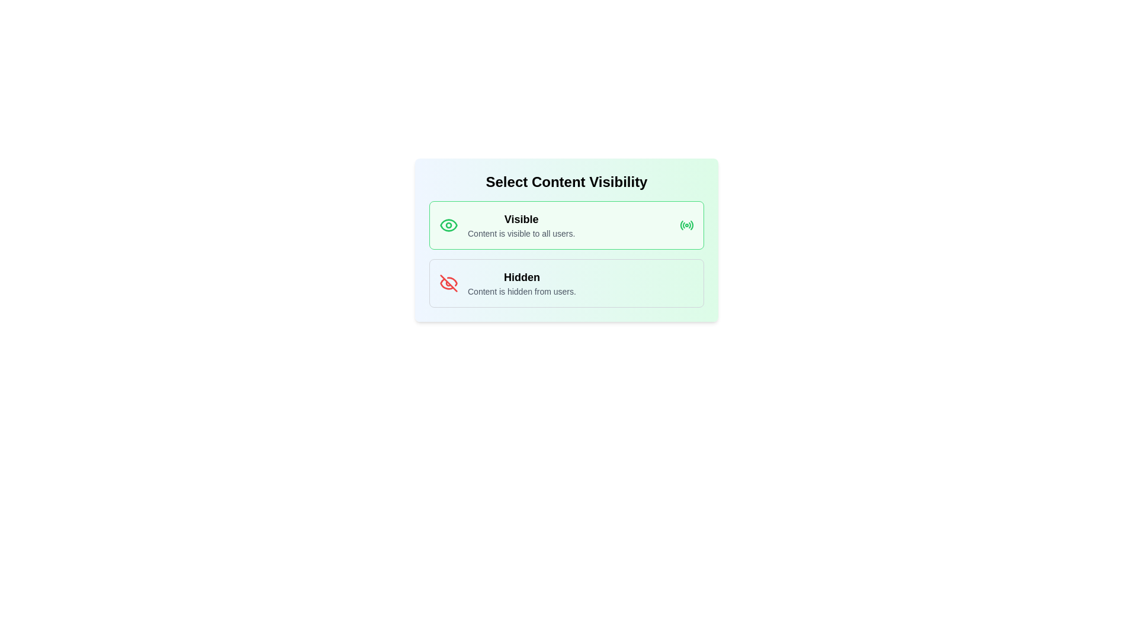 The width and height of the screenshot is (1137, 639). I want to click on text label stating 'Content is hidden from users.' which is styled in gray and positioned below the 'Hidden' title in the visibility options card, so click(521, 292).